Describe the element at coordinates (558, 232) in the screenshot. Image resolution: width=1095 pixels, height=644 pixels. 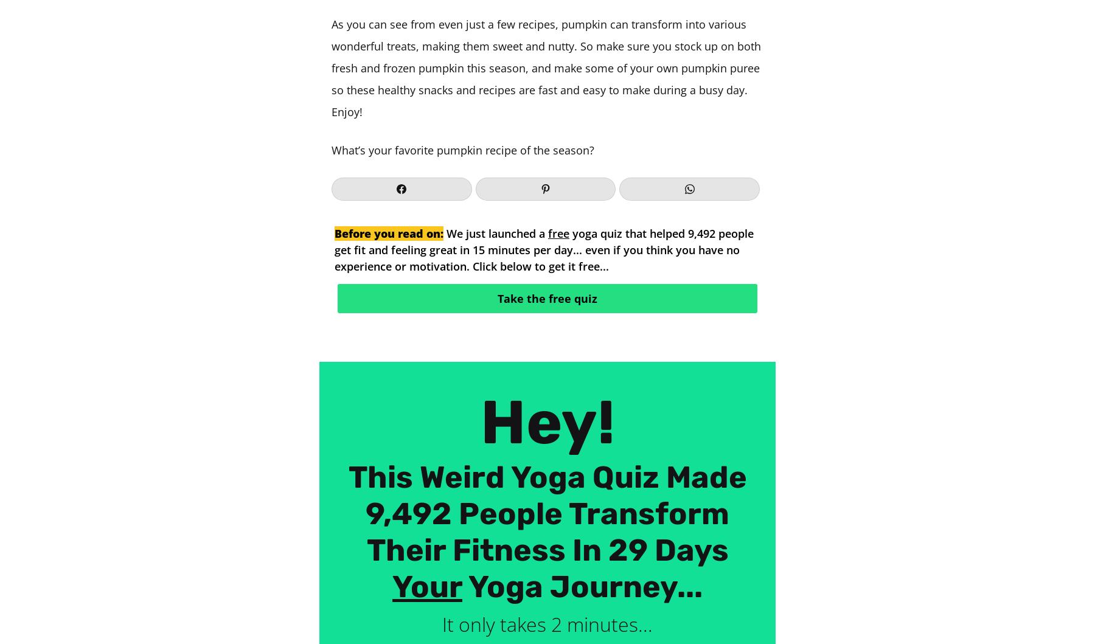
I see `'free'` at that location.